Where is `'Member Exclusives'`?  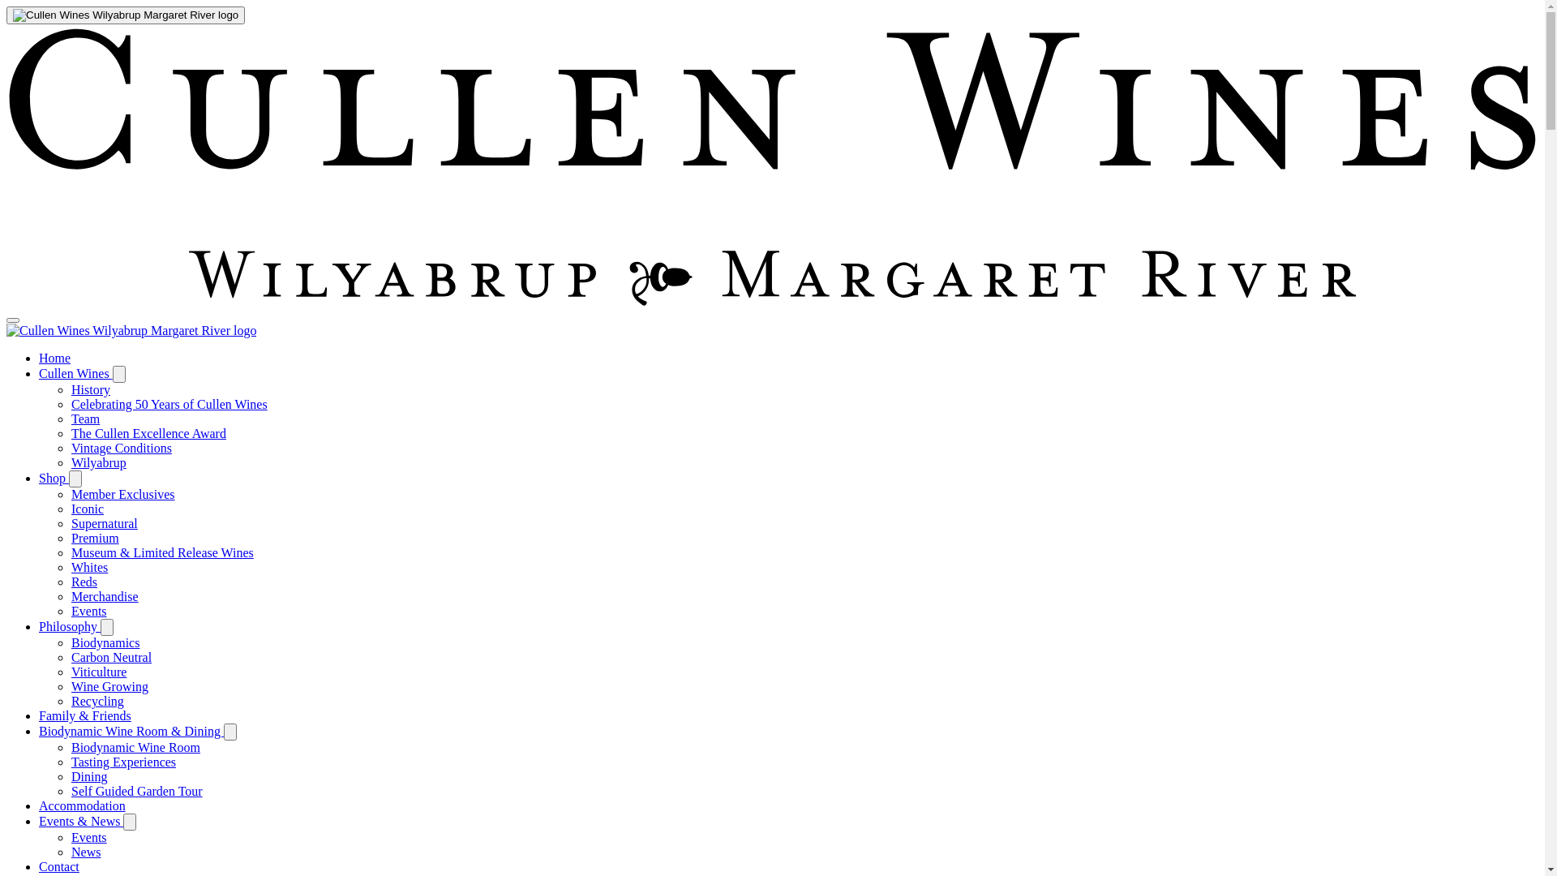 'Member Exclusives' is located at coordinates (122, 493).